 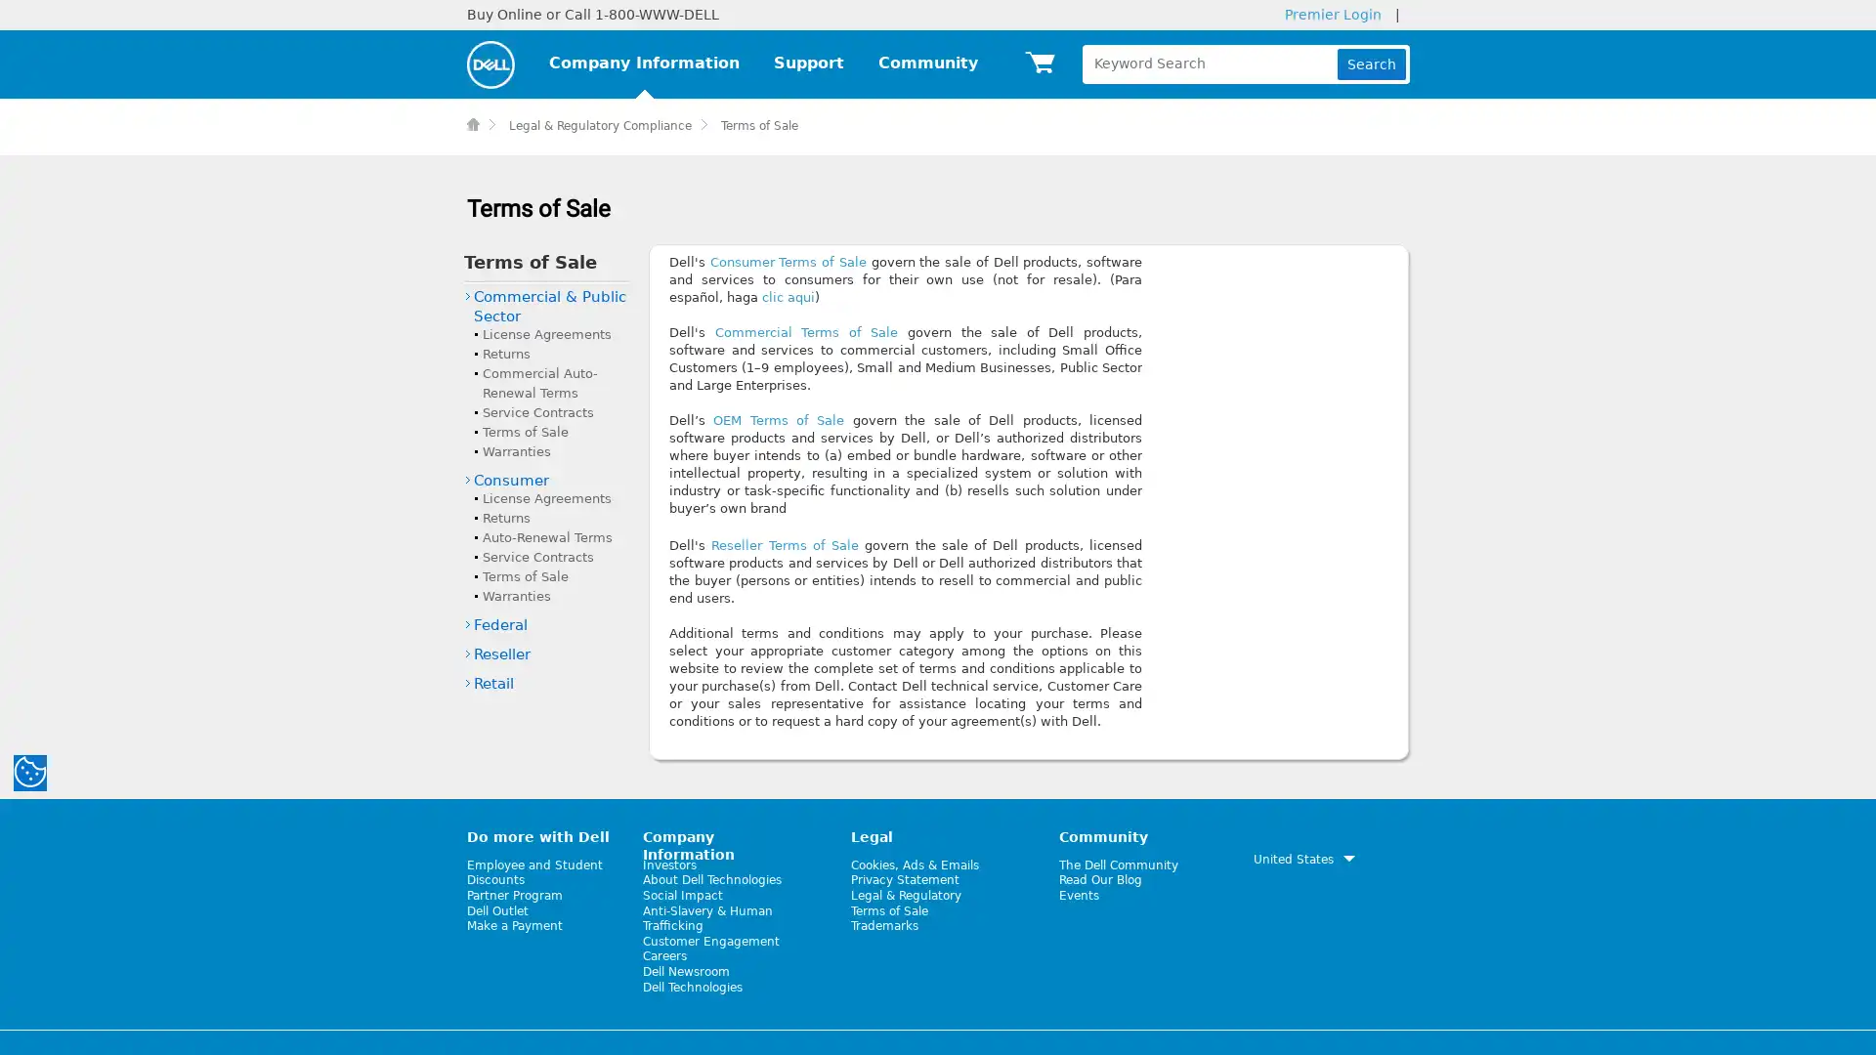 I want to click on manage your cookies, so click(x=29, y=771).